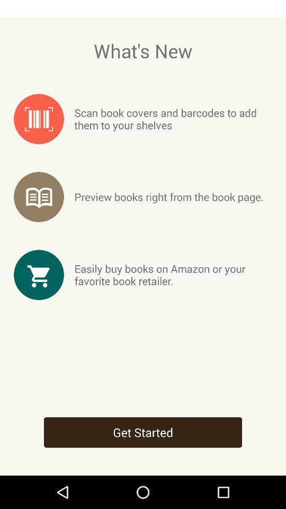 The height and width of the screenshot is (509, 286). What do you see at coordinates (173, 274) in the screenshot?
I see `item above get started` at bounding box center [173, 274].